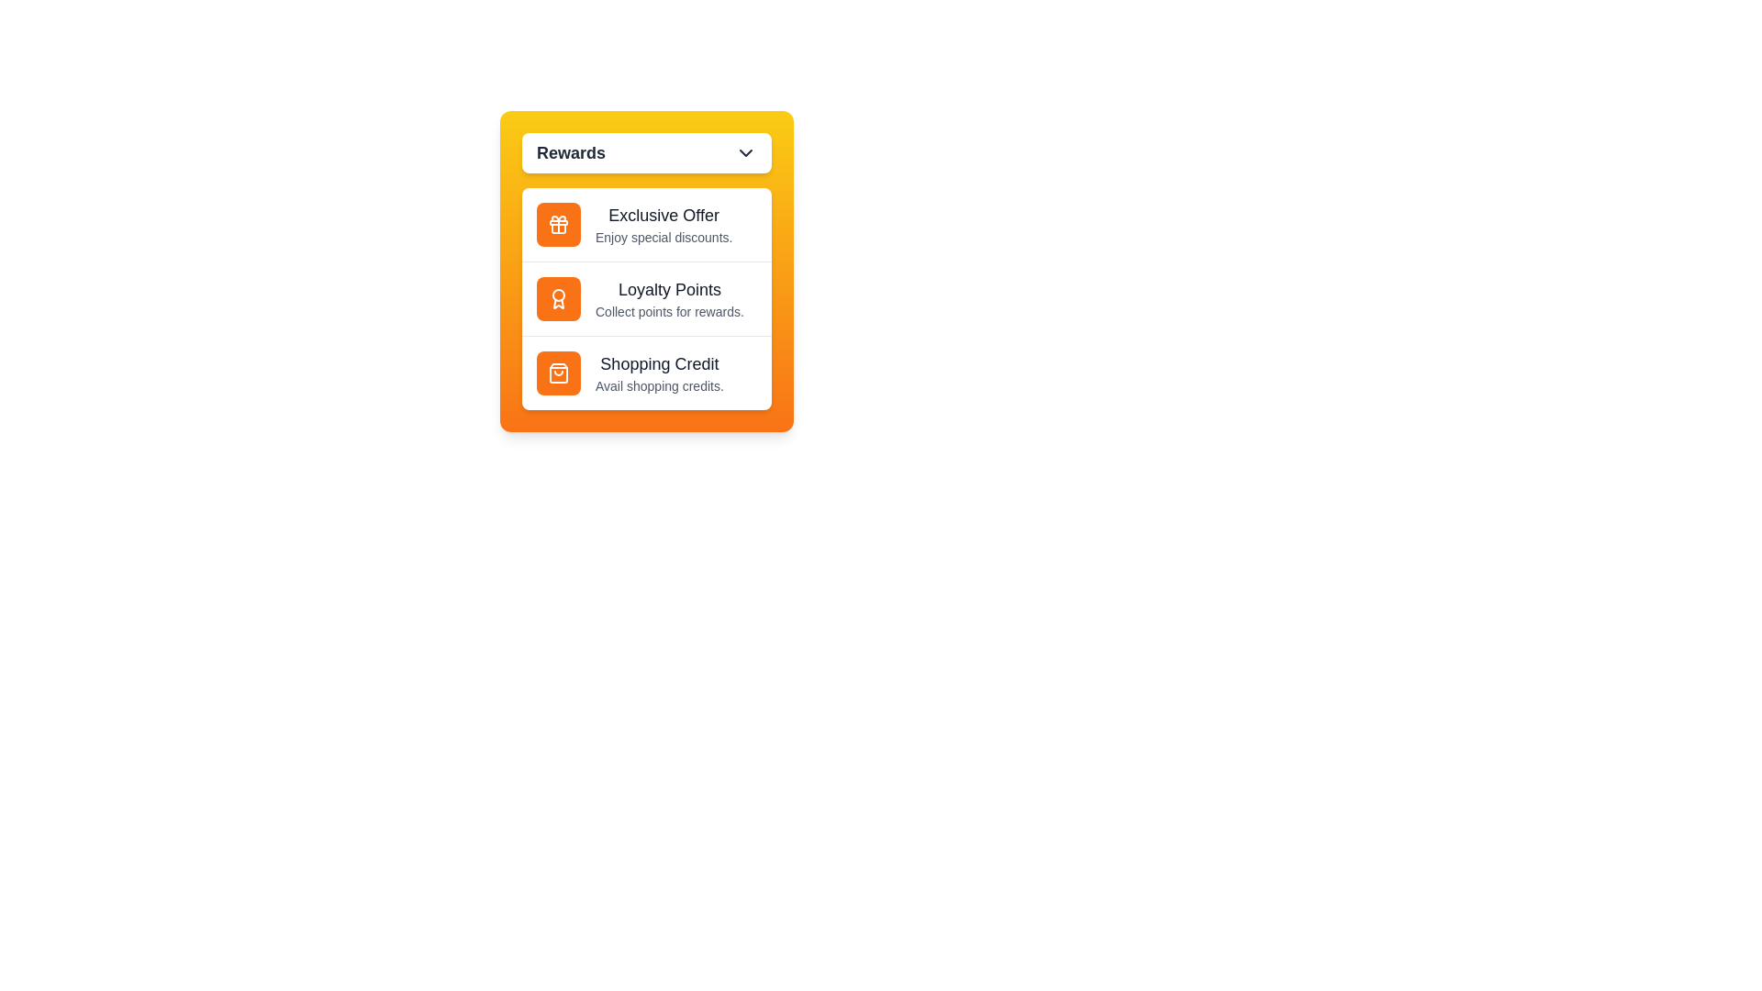 This screenshot has height=991, width=1762. Describe the element at coordinates (558, 298) in the screenshot. I see `the loyalty points icon, which is visually represented within a rounded rectangular box with an orange background, located to the left of the 'Loyalty Points' text` at that location.